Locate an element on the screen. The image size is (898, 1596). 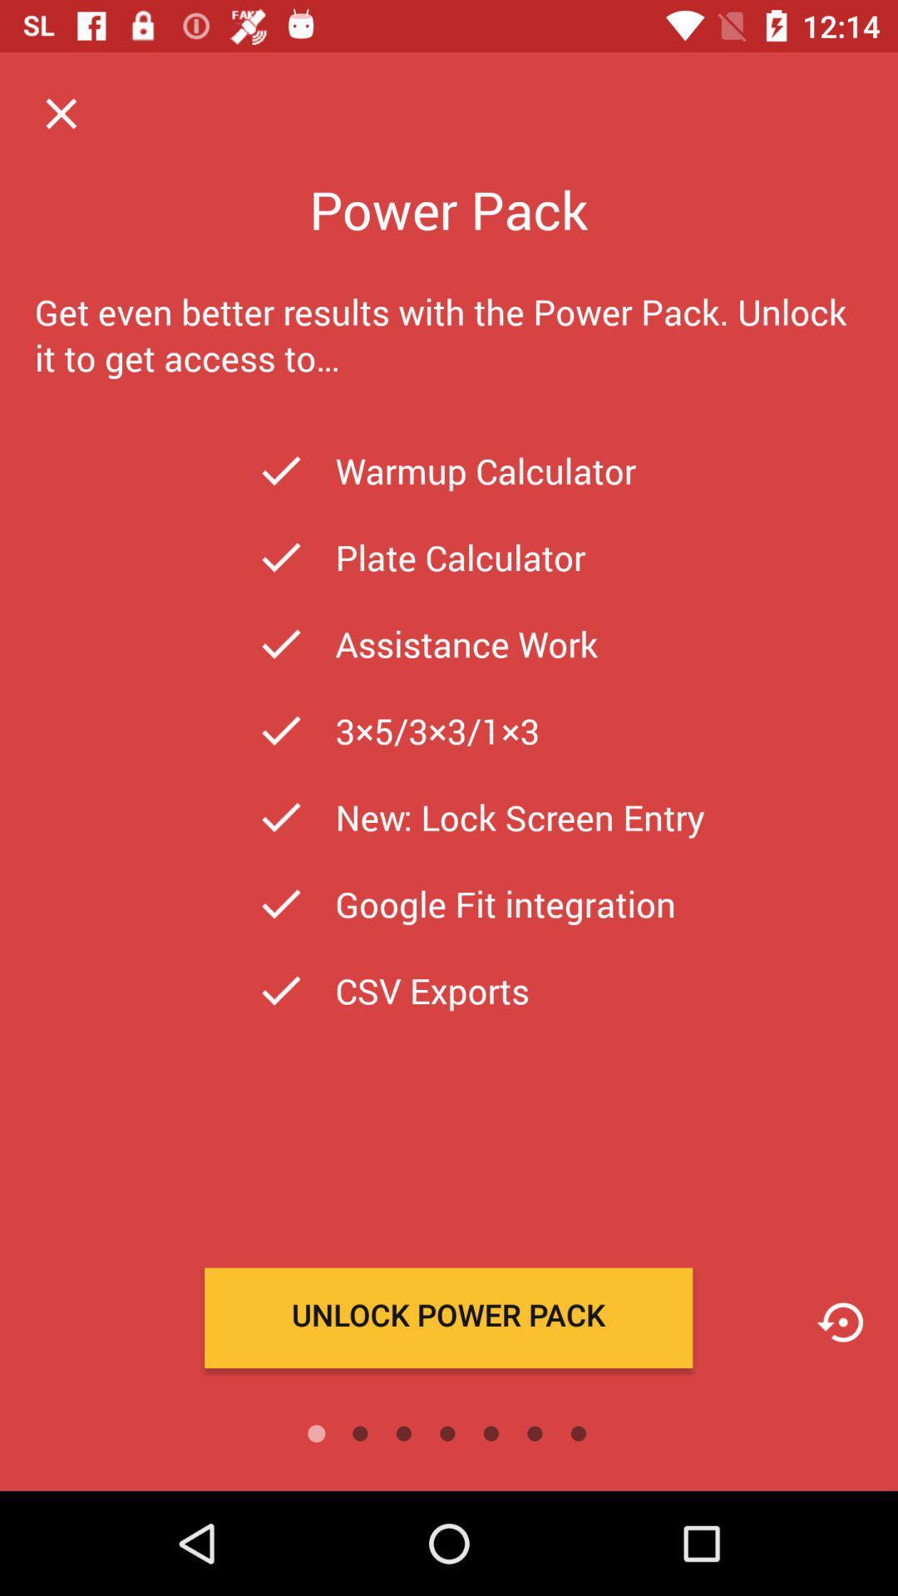
refresh button is located at coordinates (840, 1322).